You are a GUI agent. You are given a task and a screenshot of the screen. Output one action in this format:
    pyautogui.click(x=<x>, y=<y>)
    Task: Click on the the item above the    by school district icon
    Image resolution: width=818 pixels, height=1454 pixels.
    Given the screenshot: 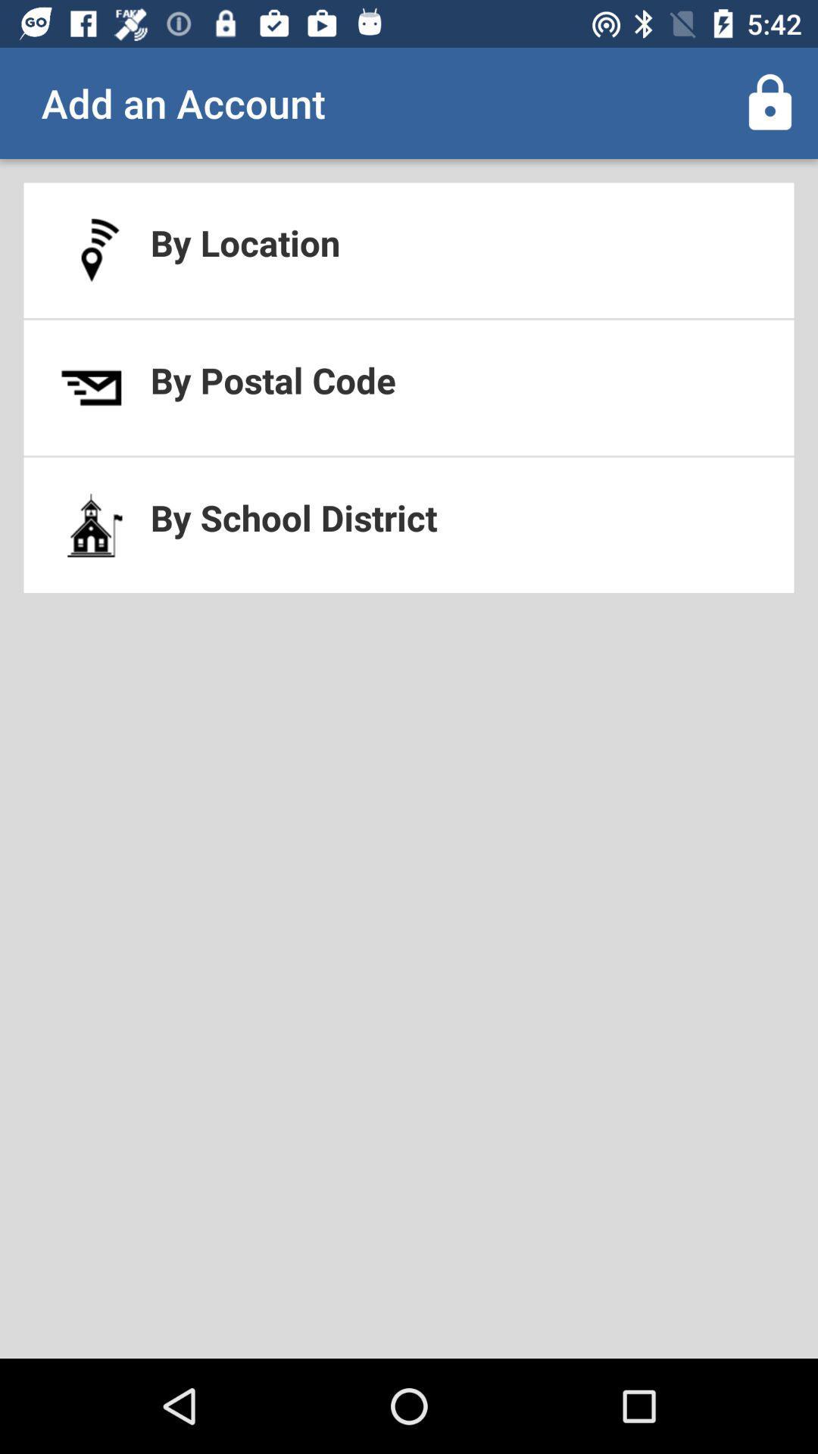 What is the action you would take?
    pyautogui.click(x=409, y=388)
    